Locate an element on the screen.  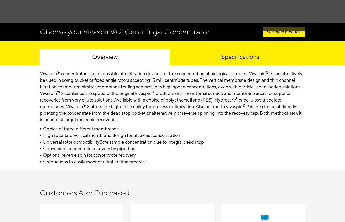
'Optional reverse spin for concentrate recovery' is located at coordinates (89, 155).